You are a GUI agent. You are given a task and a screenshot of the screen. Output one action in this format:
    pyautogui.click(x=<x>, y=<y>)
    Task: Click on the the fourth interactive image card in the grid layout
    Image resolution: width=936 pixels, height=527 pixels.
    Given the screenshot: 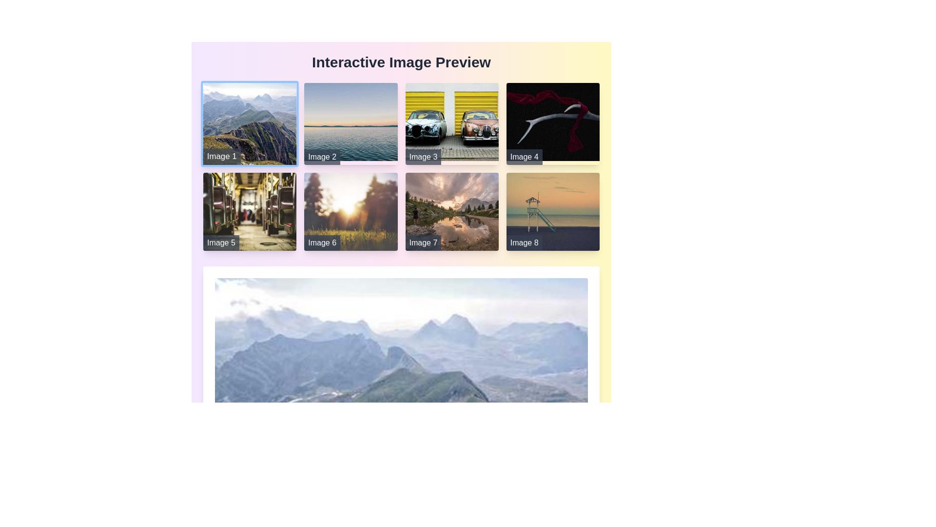 What is the action you would take?
    pyautogui.click(x=553, y=123)
    